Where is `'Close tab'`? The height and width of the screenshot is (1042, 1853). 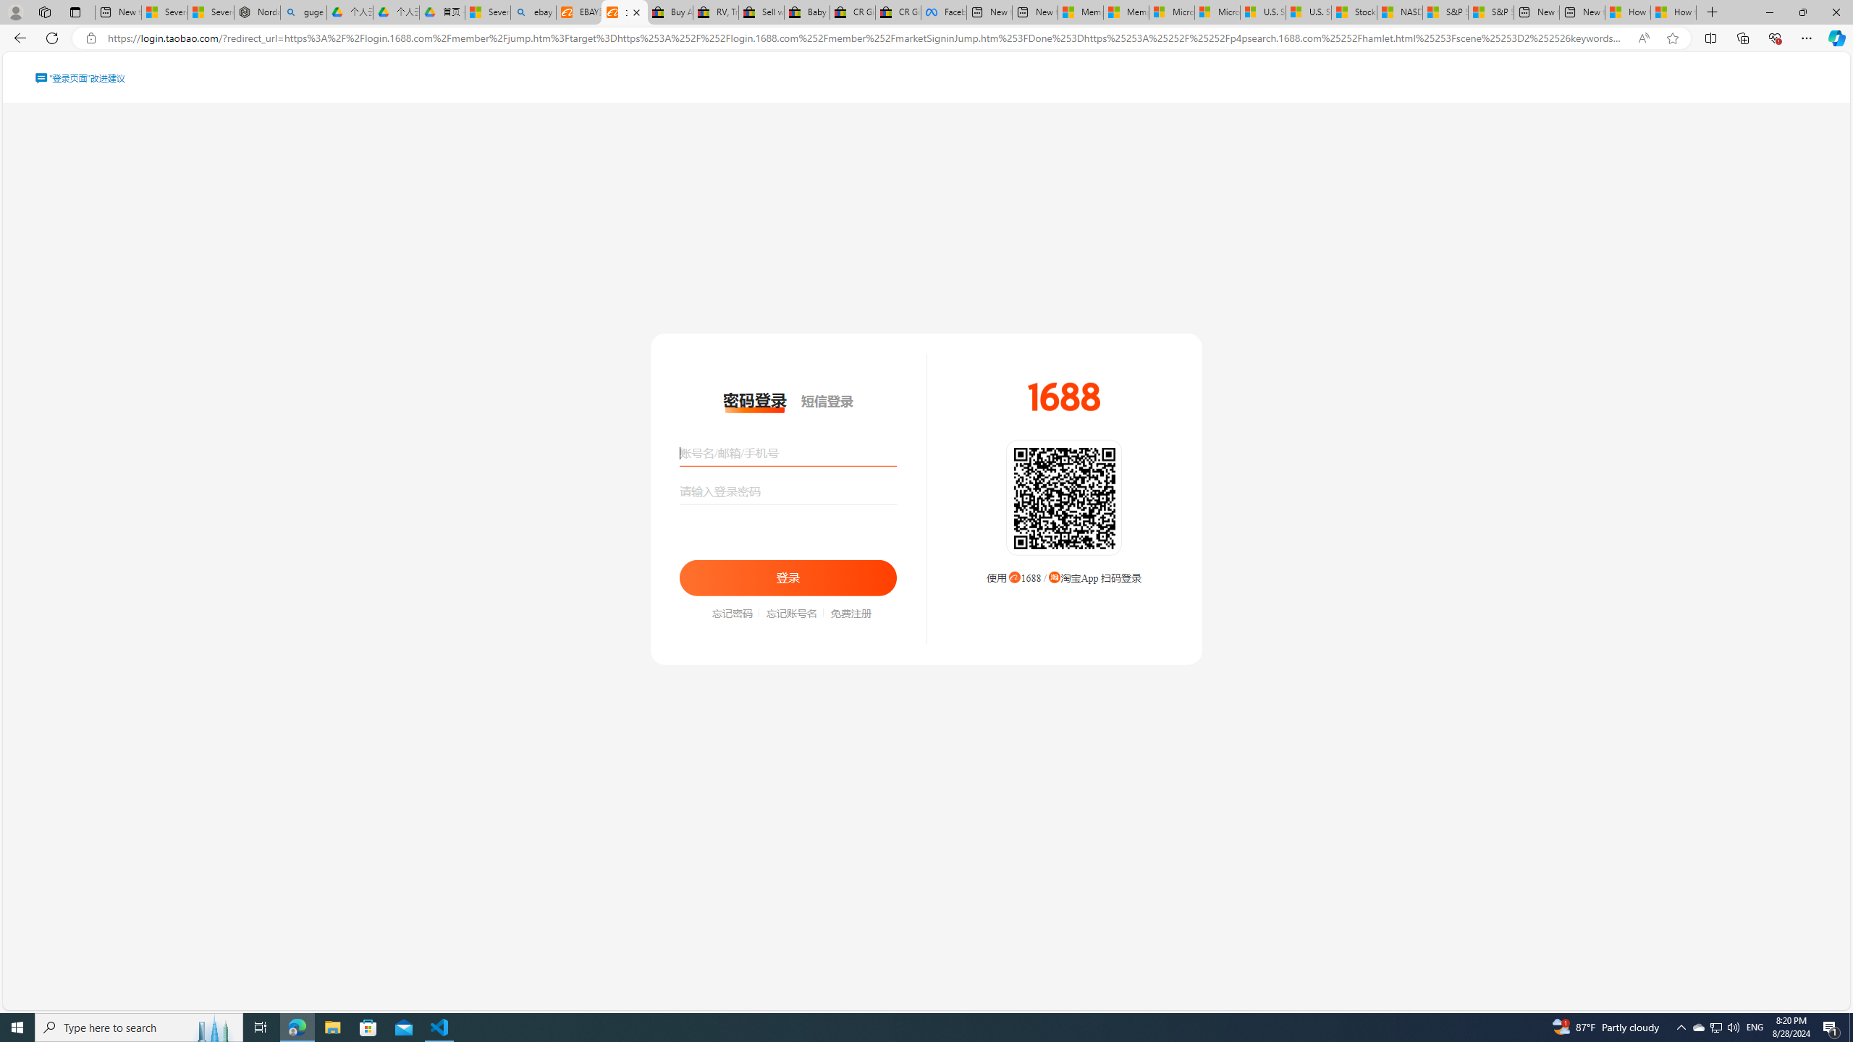
'Close tab' is located at coordinates (636, 12).